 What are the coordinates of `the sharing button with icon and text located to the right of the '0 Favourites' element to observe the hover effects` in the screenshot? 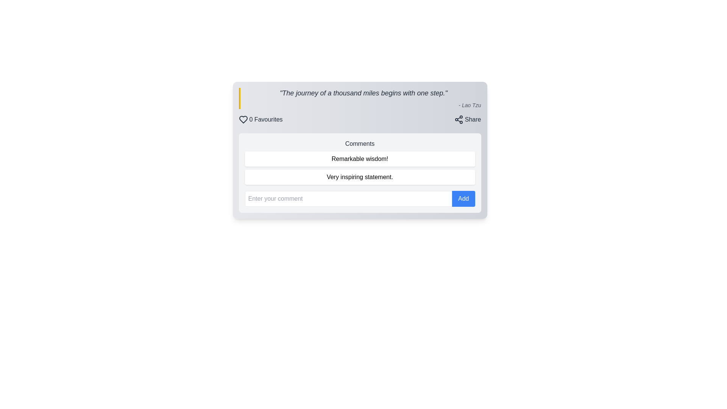 It's located at (467, 119).